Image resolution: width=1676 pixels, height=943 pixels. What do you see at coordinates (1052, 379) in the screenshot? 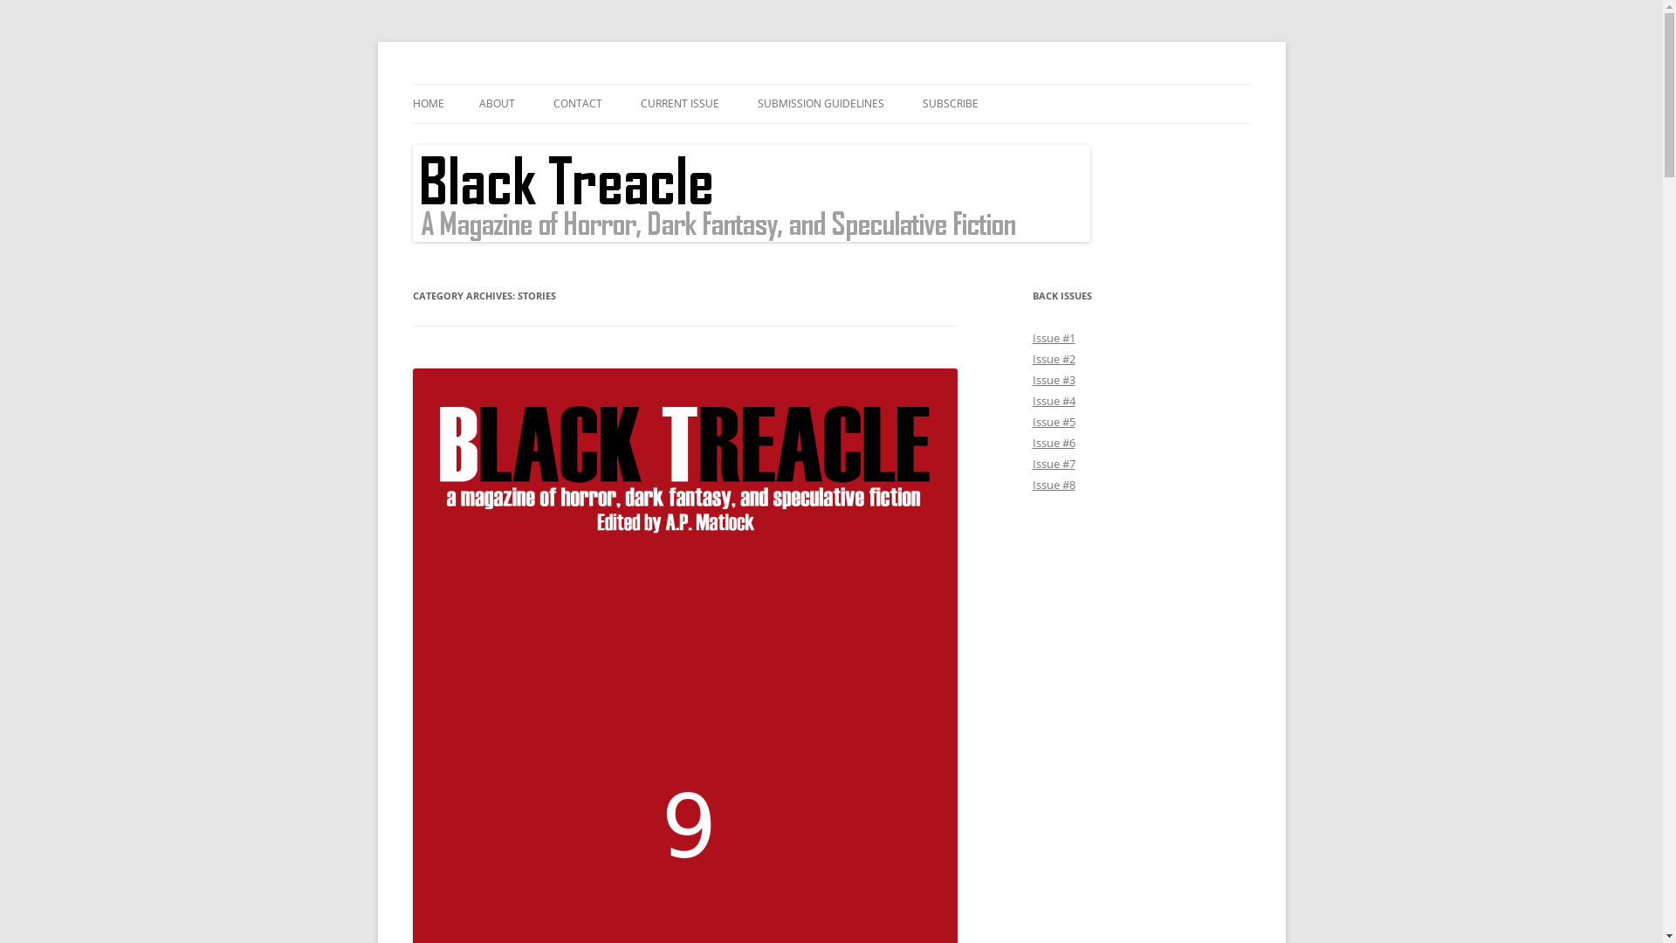
I see `'Issue #3'` at bounding box center [1052, 379].